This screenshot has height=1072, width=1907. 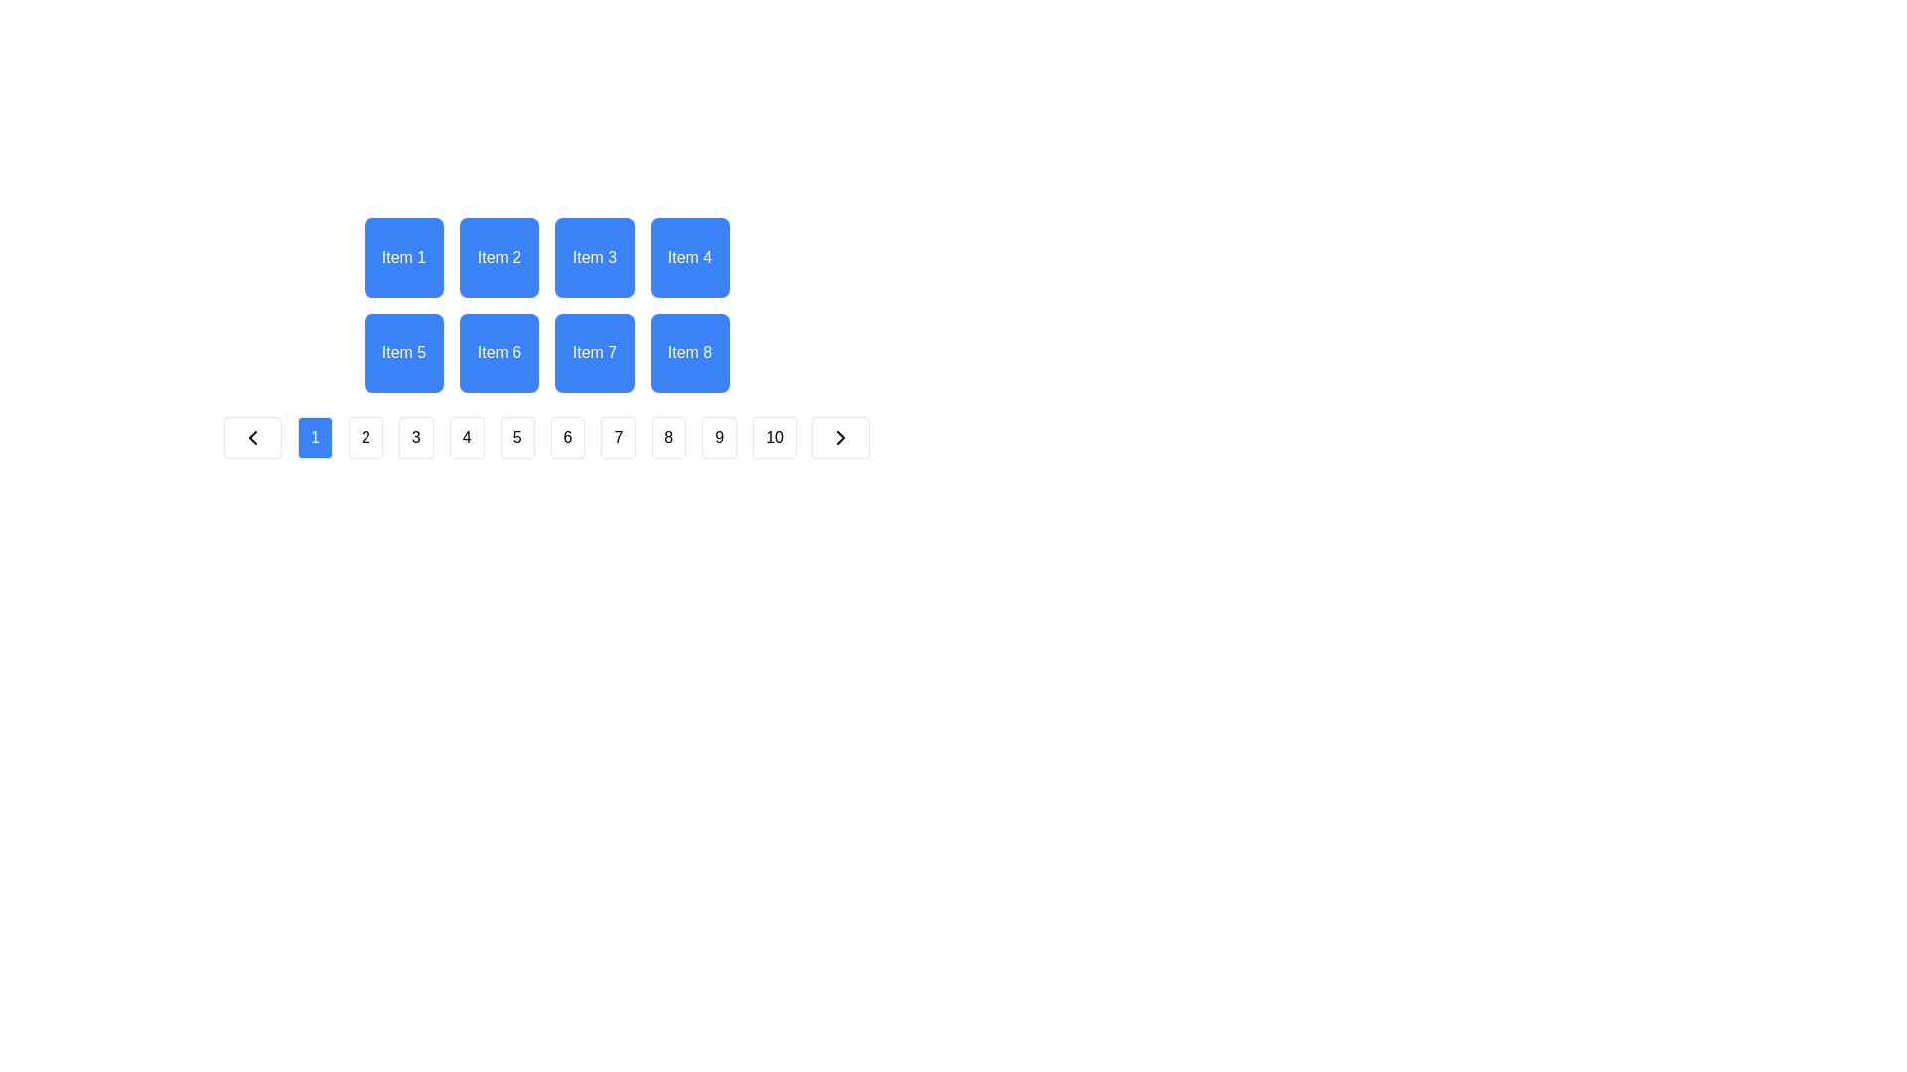 I want to click on the fourth pagination control button, so click(x=466, y=436).